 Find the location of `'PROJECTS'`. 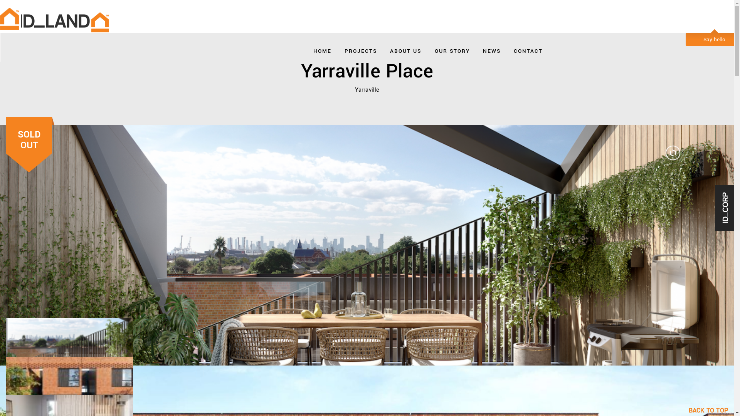

'PROJECTS' is located at coordinates (344, 49).